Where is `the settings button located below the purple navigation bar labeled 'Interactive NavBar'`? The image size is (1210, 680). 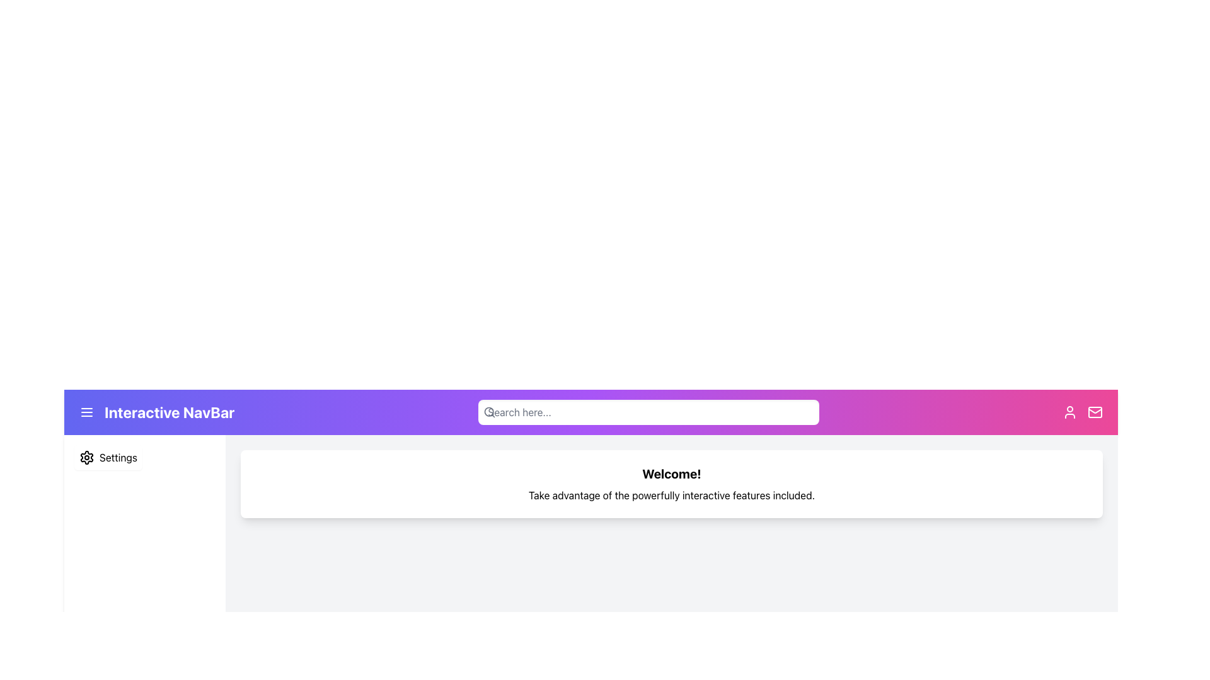
the settings button located below the purple navigation bar labeled 'Interactive NavBar' is located at coordinates (108, 457).